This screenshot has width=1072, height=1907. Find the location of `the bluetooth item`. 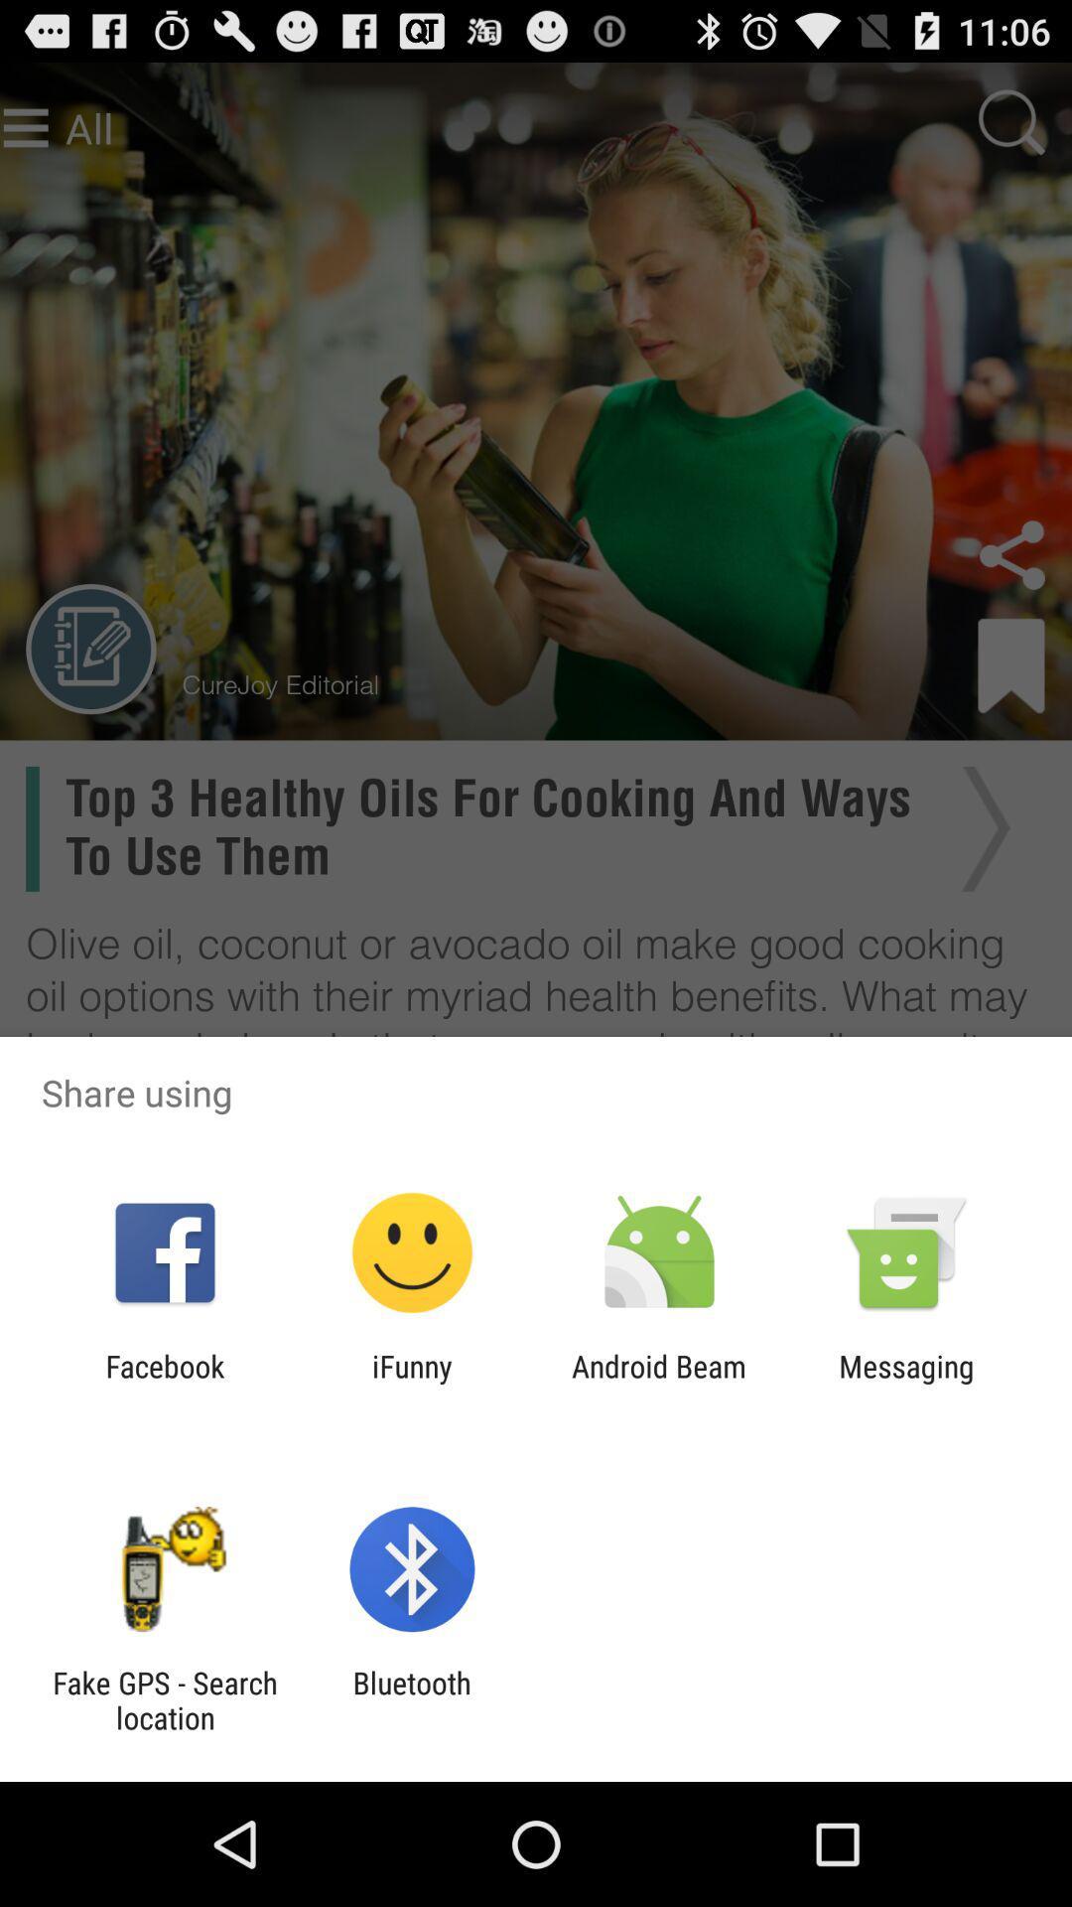

the bluetooth item is located at coordinates (411, 1699).